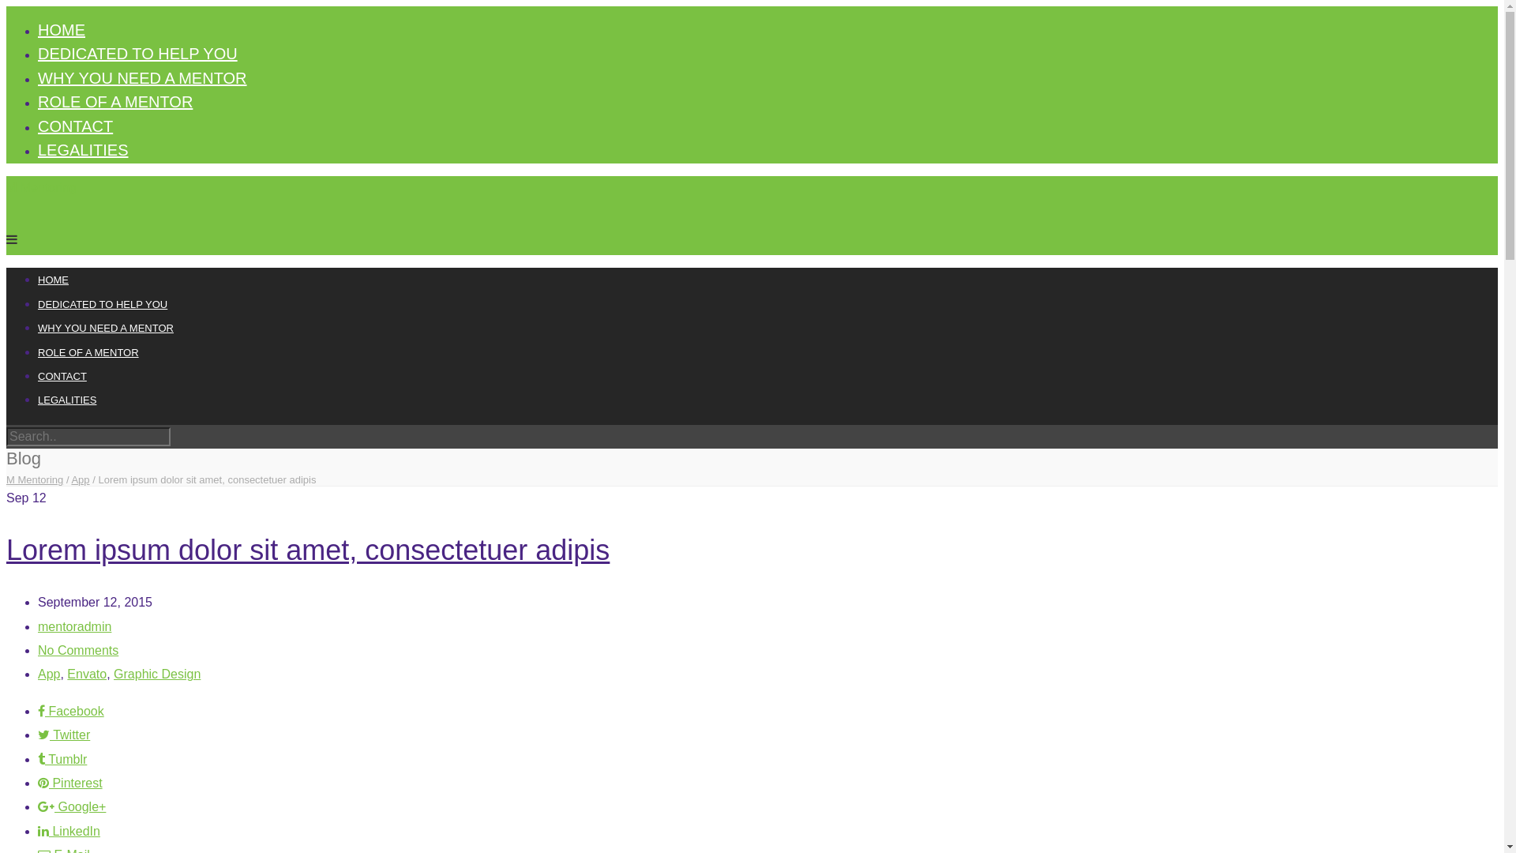  Describe the element at coordinates (142, 78) in the screenshot. I see `'WHY YOU NEED A MENTOR'` at that location.